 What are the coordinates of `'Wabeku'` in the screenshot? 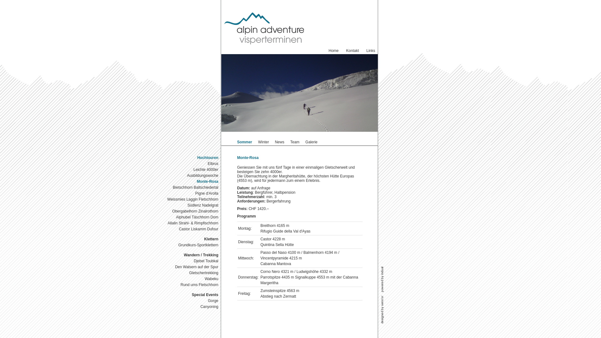 It's located at (191, 279).